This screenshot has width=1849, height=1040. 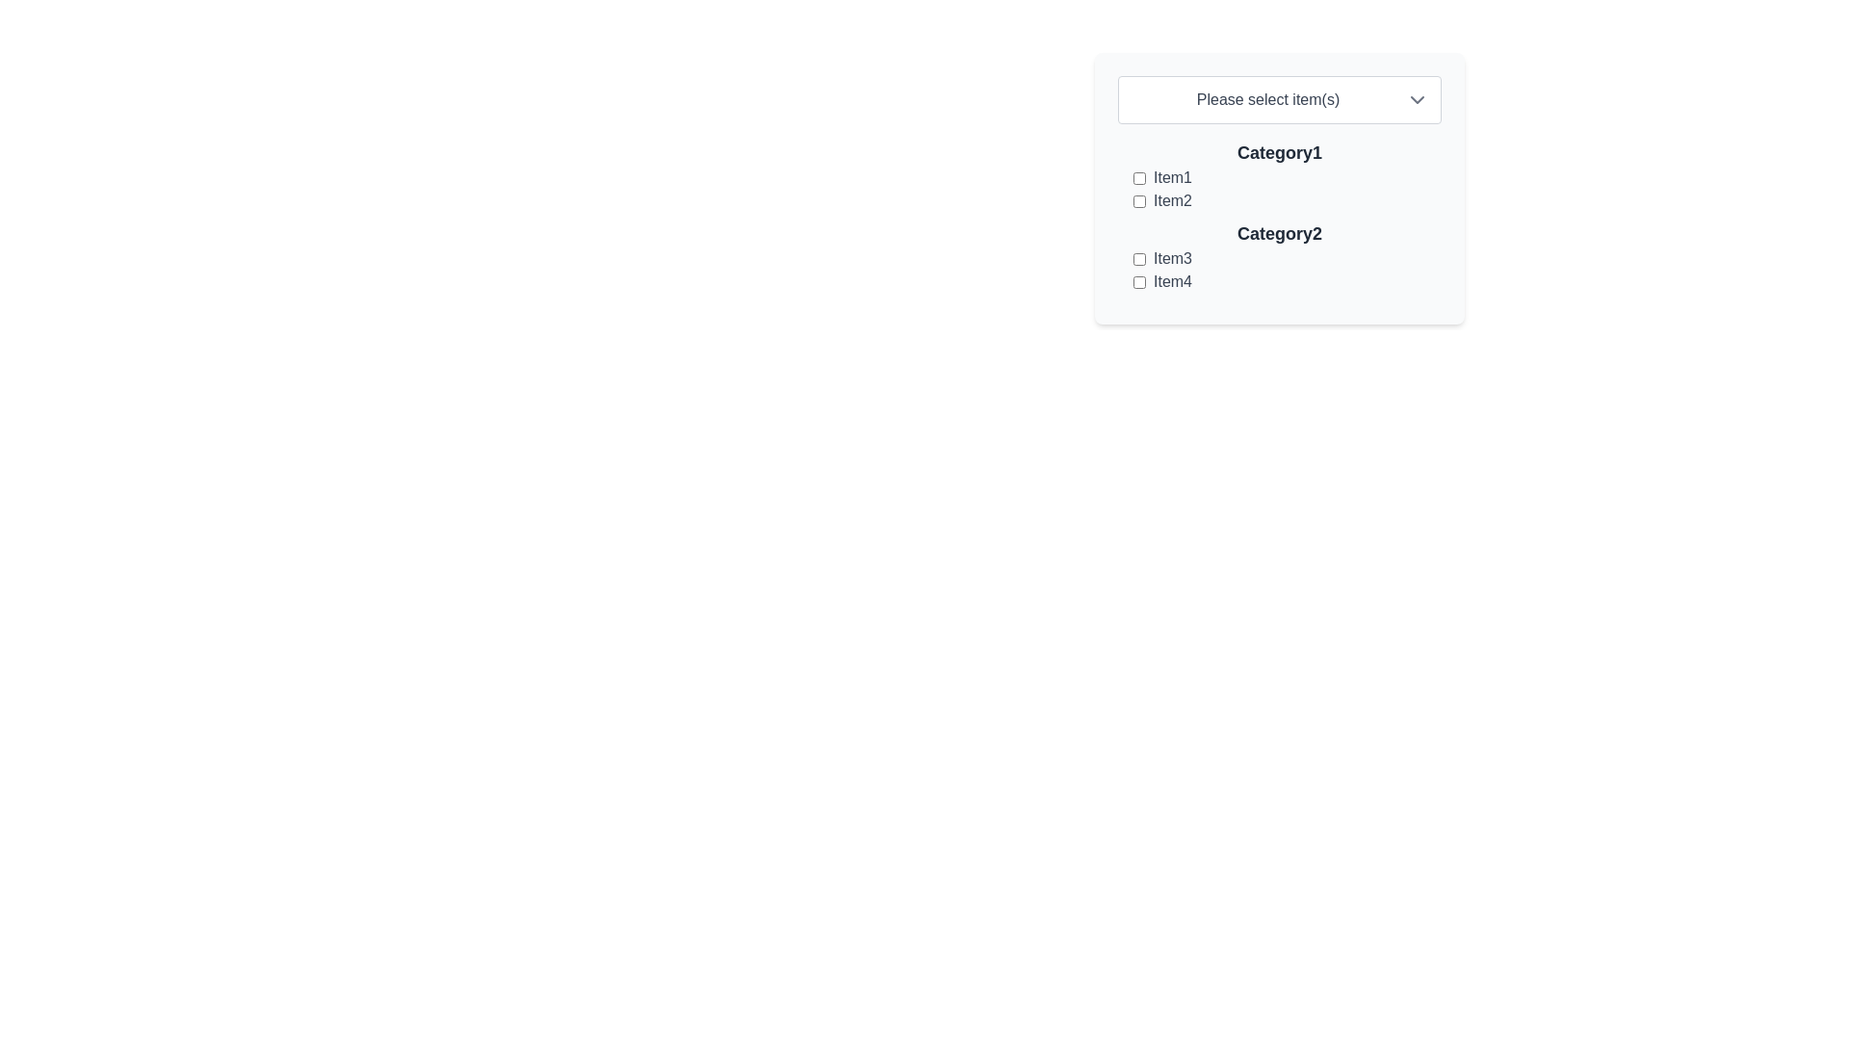 What do you see at coordinates (1139, 178) in the screenshot?
I see `the checkbox located` at bounding box center [1139, 178].